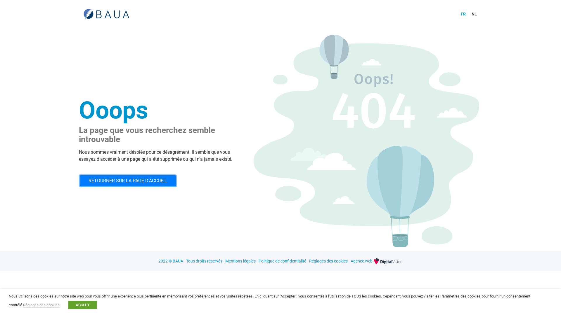 This screenshot has height=315, width=561. Describe the element at coordinates (474, 13) in the screenshot. I see `'NL'` at that location.